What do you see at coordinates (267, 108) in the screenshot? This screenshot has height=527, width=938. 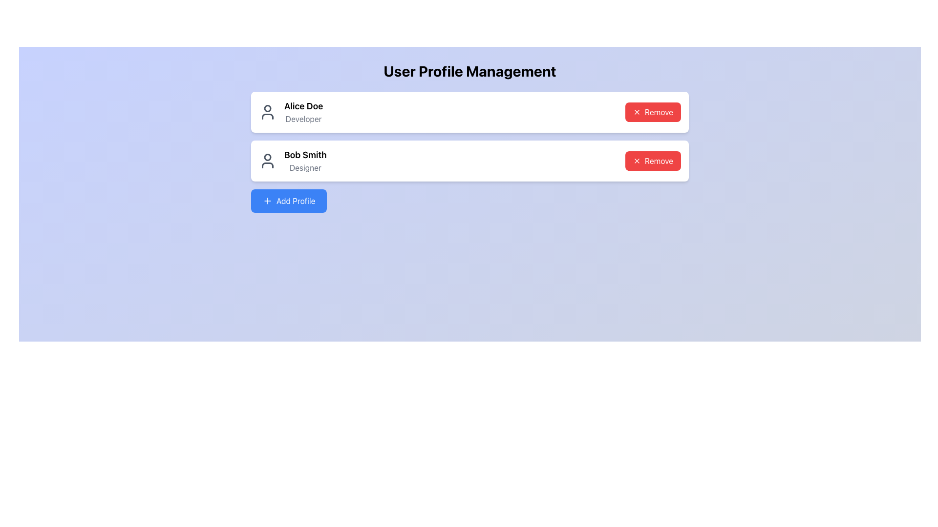 I see `the SVG circle representing the user's profile icon for 'Alice Doe'` at bounding box center [267, 108].